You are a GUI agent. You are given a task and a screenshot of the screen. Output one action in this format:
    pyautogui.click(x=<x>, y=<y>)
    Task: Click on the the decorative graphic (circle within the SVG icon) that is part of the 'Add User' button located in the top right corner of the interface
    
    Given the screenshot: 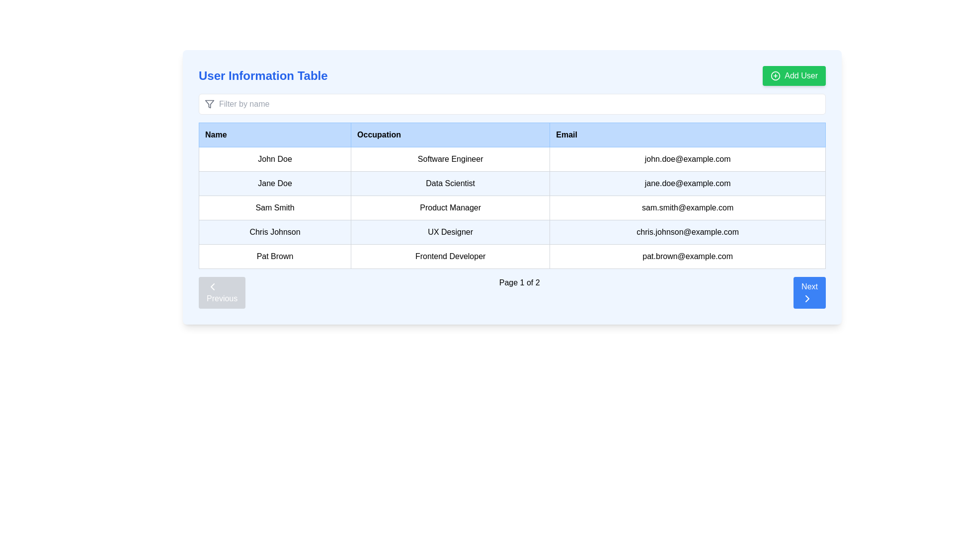 What is the action you would take?
    pyautogui.click(x=775, y=75)
    